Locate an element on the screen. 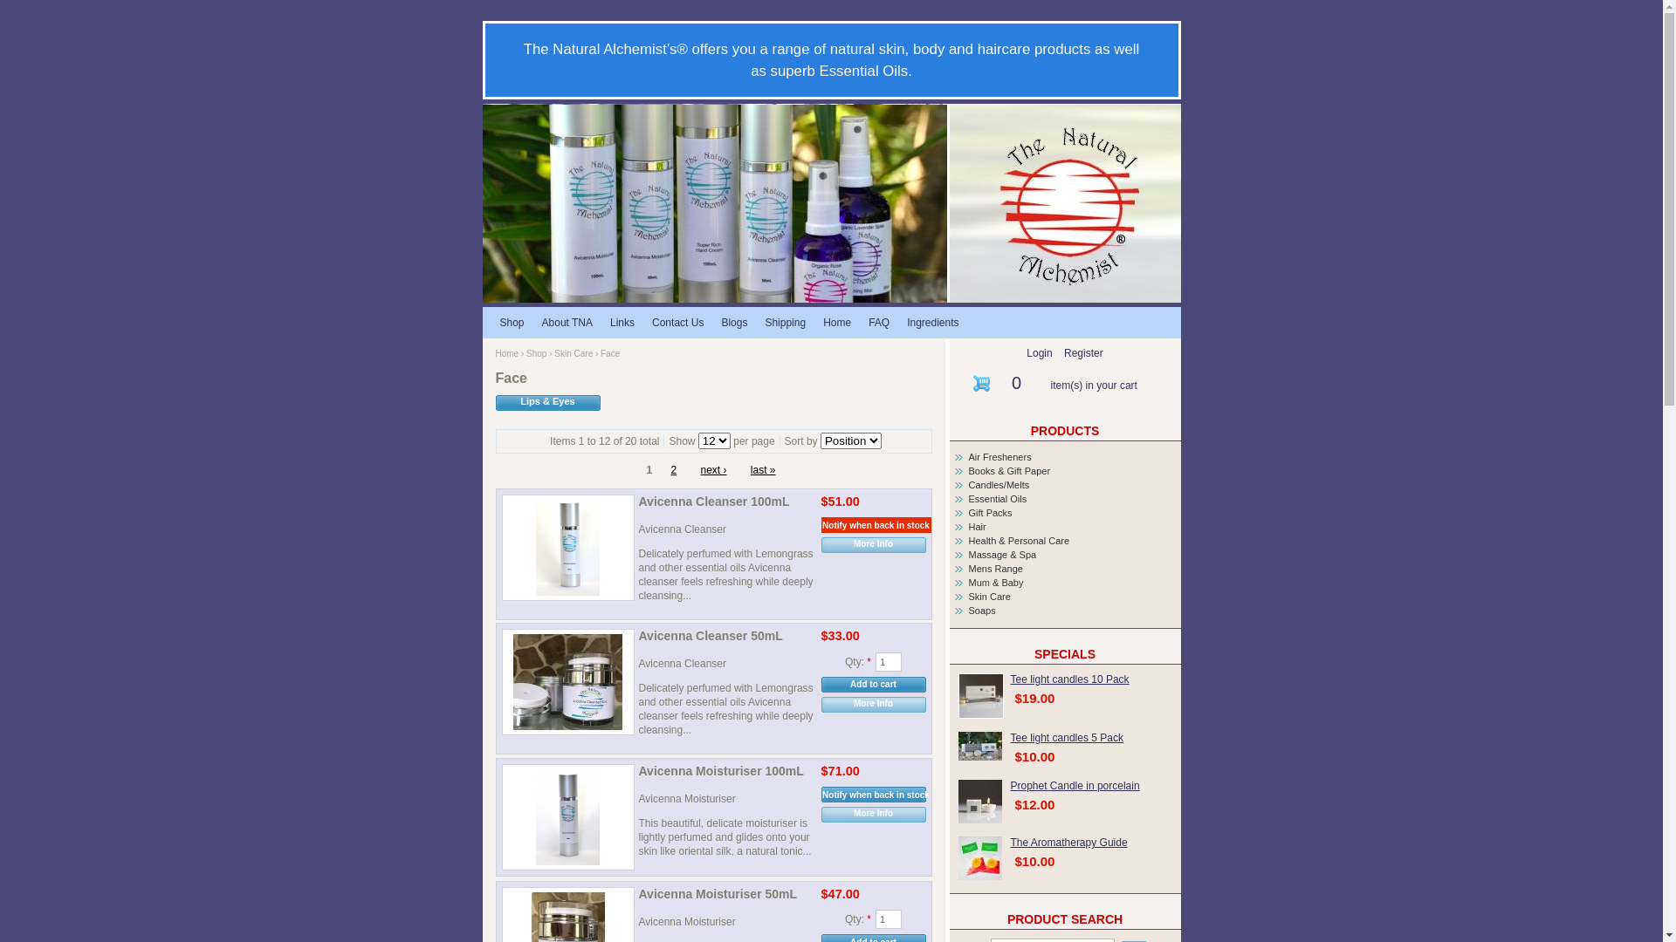  'Air Fresheners' is located at coordinates (1000, 456).